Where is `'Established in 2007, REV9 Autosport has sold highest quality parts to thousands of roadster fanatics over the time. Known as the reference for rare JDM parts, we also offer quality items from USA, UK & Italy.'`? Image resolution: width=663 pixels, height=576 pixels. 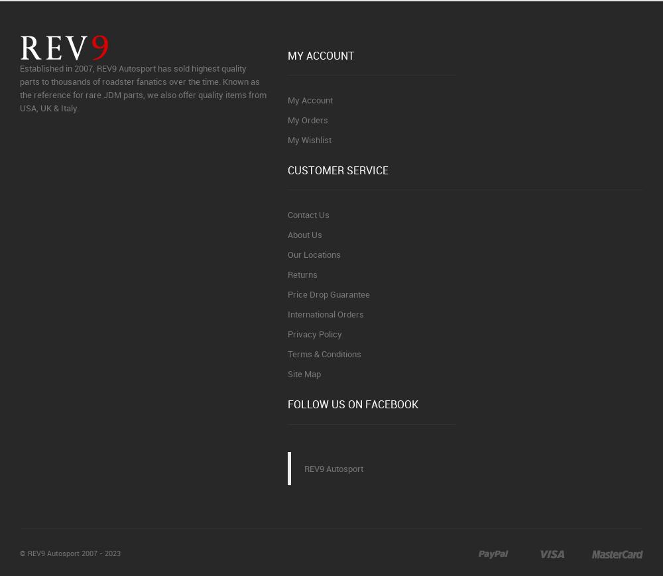 'Established in 2007, REV9 Autosport has sold highest quality parts to thousands of roadster fanatics over the time. Known as the reference for rare JDM parts, we also offer quality items from USA, UK & Italy.' is located at coordinates (143, 87).